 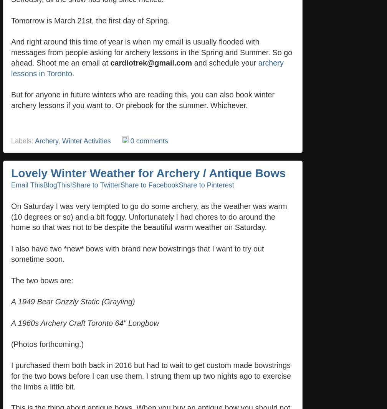 I want to click on 'Share to Facebook', so click(x=149, y=185).